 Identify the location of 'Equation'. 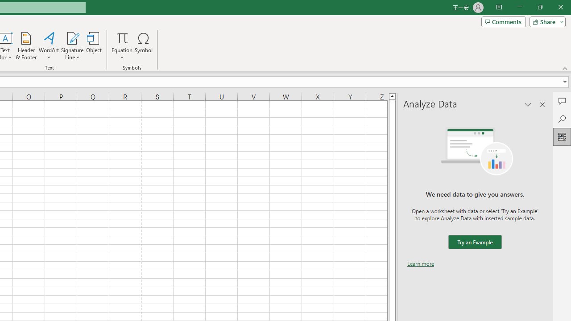
(121, 37).